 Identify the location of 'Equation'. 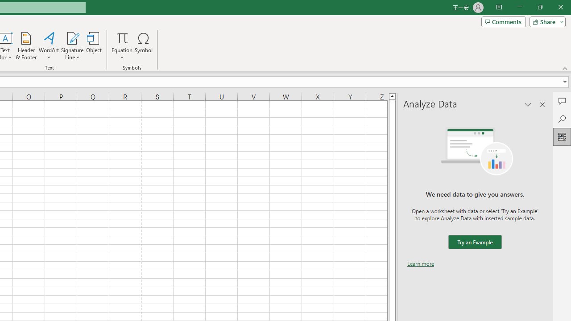
(121, 37).